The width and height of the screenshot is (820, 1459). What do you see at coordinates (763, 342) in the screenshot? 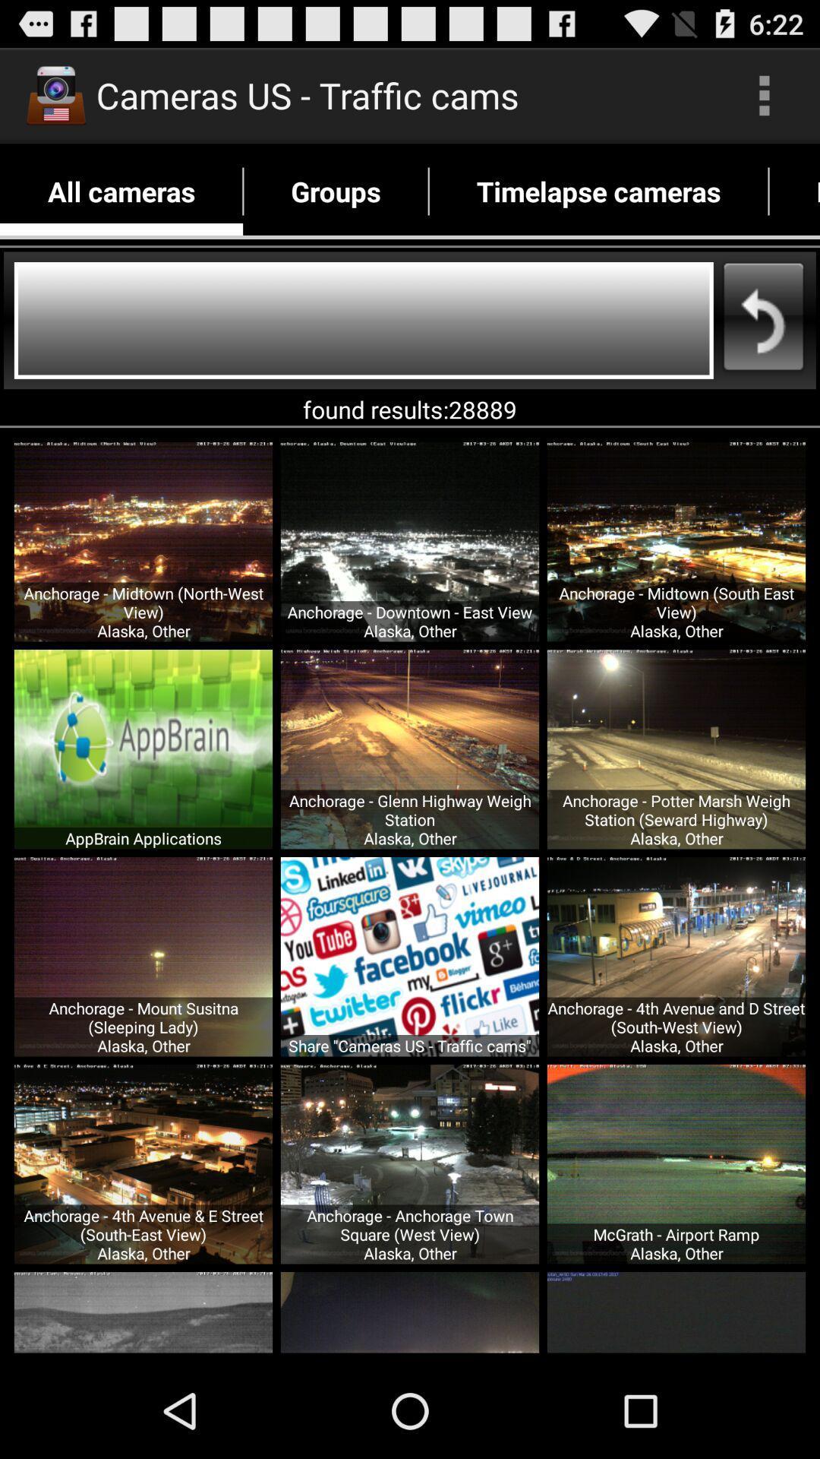
I see `the undo icon` at bounding box center [763, 342].